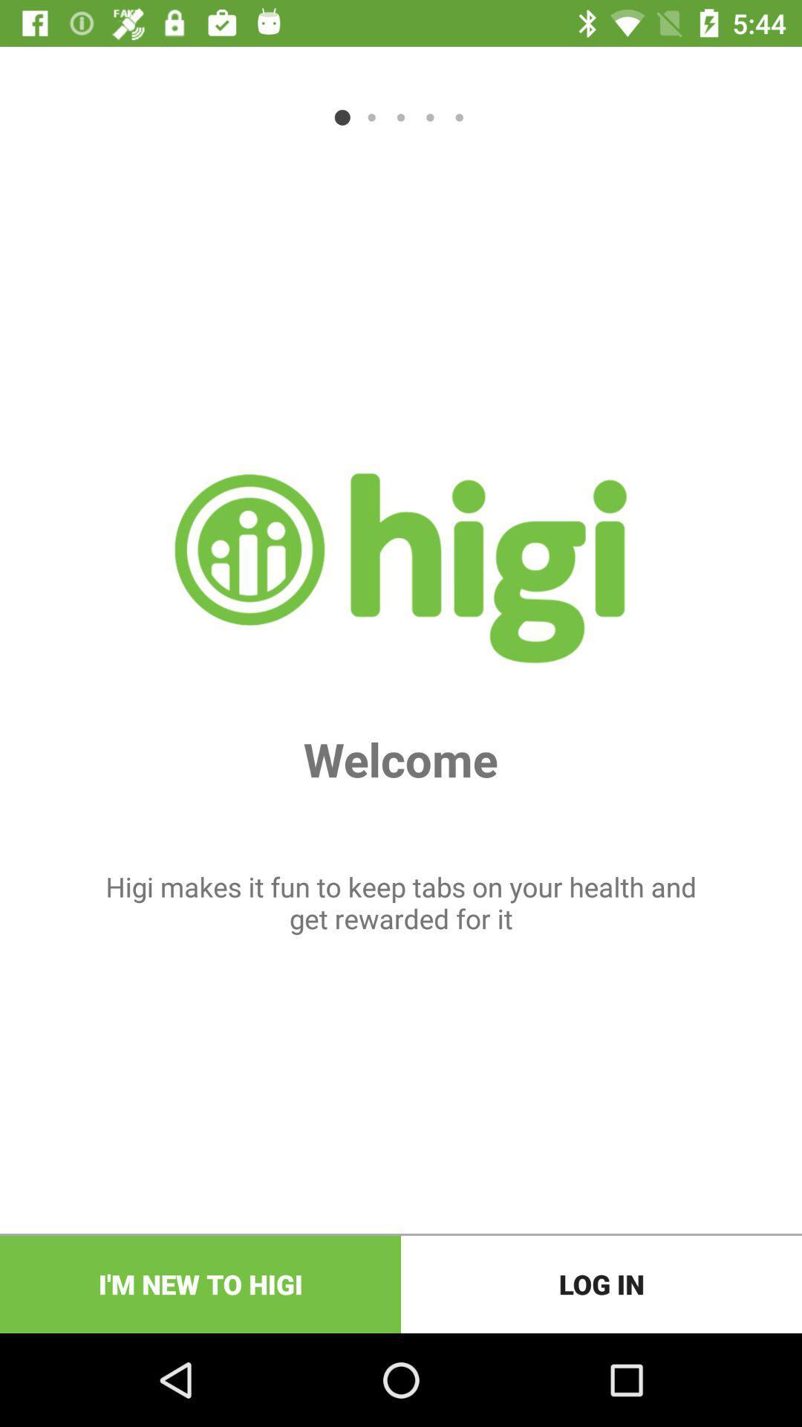 Image resolution: width=802 pixels, height=1427 pixels. What do you see at coordinates (200, 1284) in the screenshot?
I see `item next to log in item` at bounding box center [200, 1284].